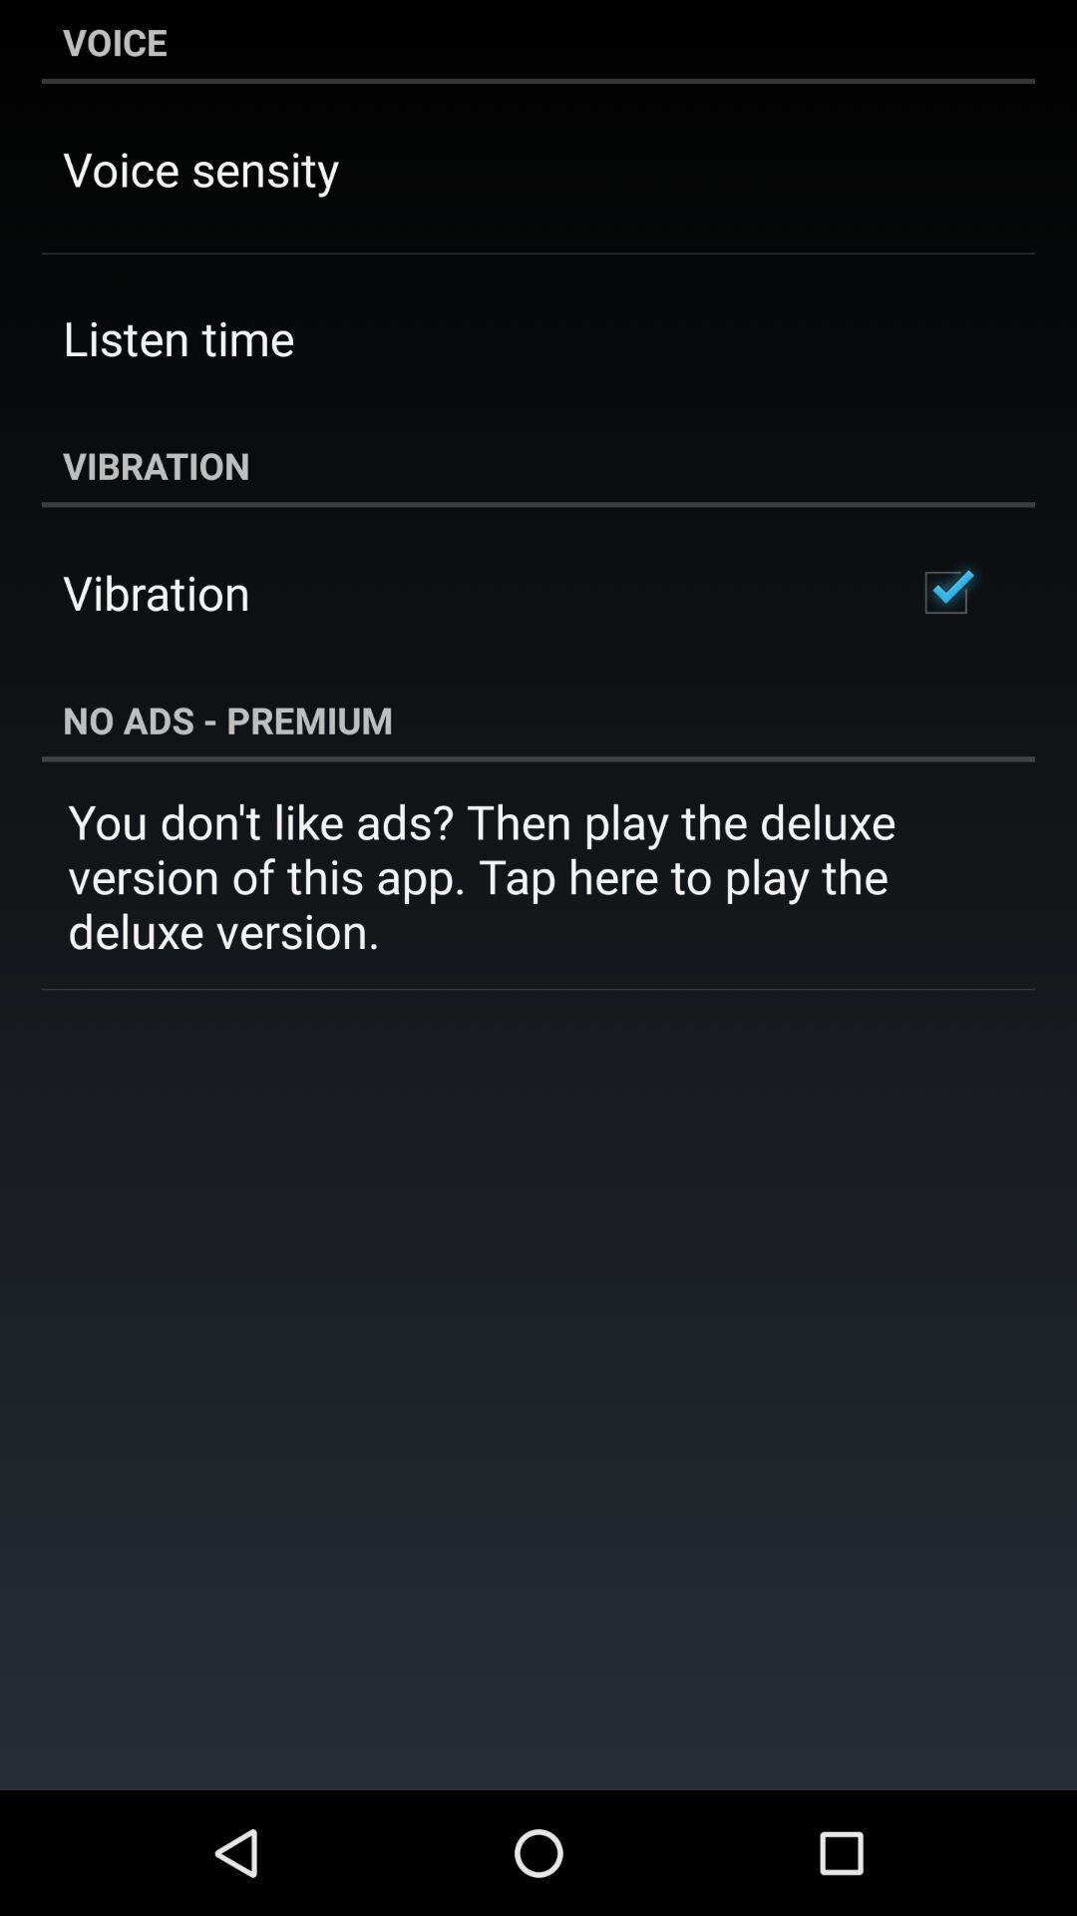 Image resolution: width=1077 pixels, height=1916 pixels. I want to click on item below the no ads - premium item, so click(538, 875).